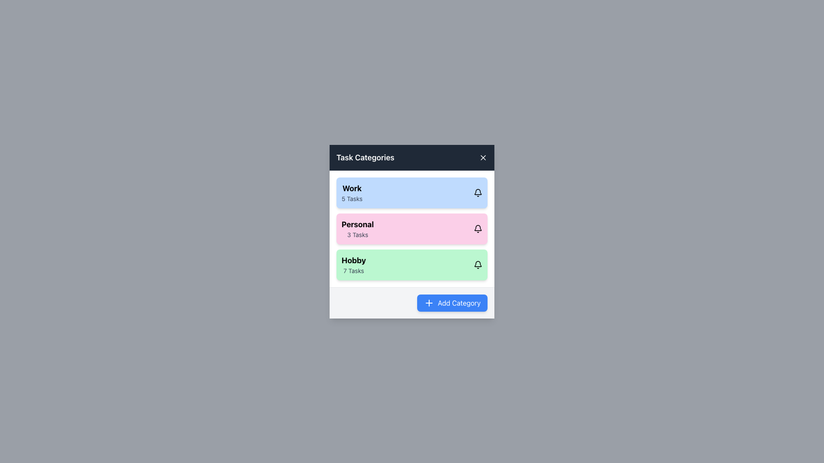 Image resolution: width=824 pixels, height=463 pixels. Describe the element at coordinates (483, 157) in the screenshot. I see `the close button located at the top-right corner of the 'Task Categories' header` at that location.